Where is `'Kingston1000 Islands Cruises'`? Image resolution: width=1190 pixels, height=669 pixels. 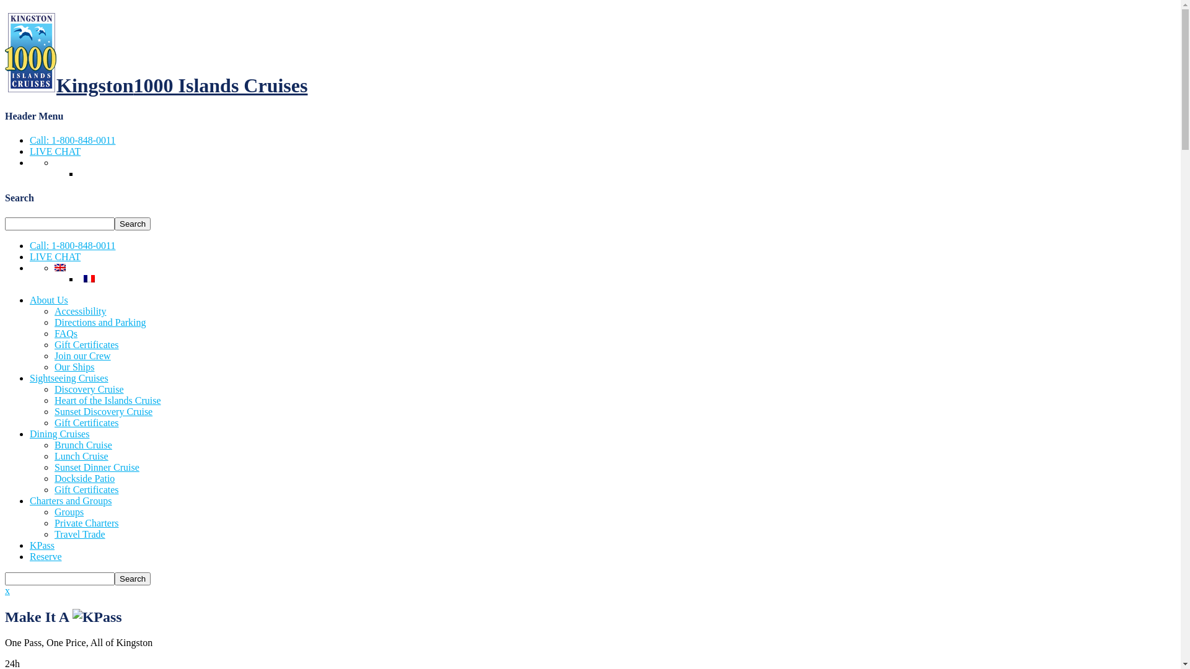 'Kingston1000 Islands Cruises' is located at coordinates (156, 85).